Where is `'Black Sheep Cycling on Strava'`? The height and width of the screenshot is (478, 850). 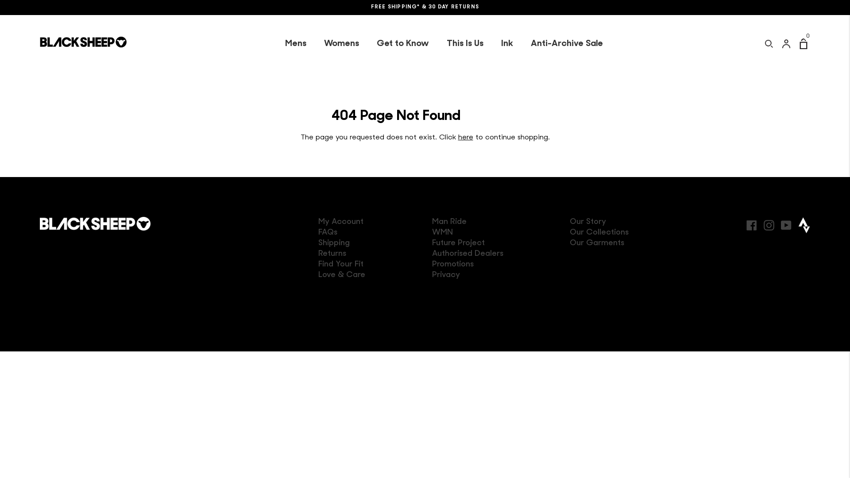 'Black Sheep Cycling on Strava' is located at coordinates (804, 225).